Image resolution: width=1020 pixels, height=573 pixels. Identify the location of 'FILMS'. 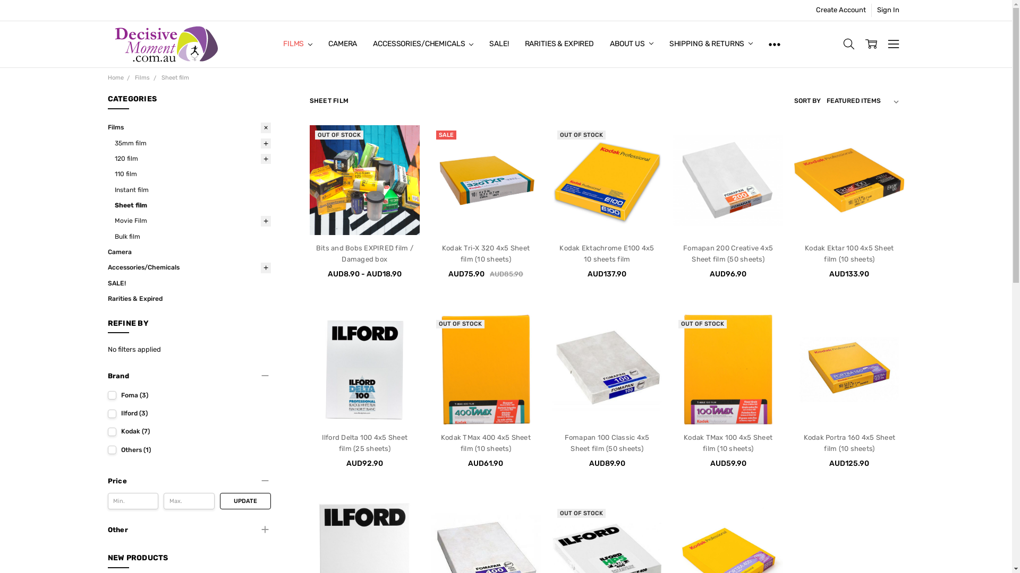
(297, 44).